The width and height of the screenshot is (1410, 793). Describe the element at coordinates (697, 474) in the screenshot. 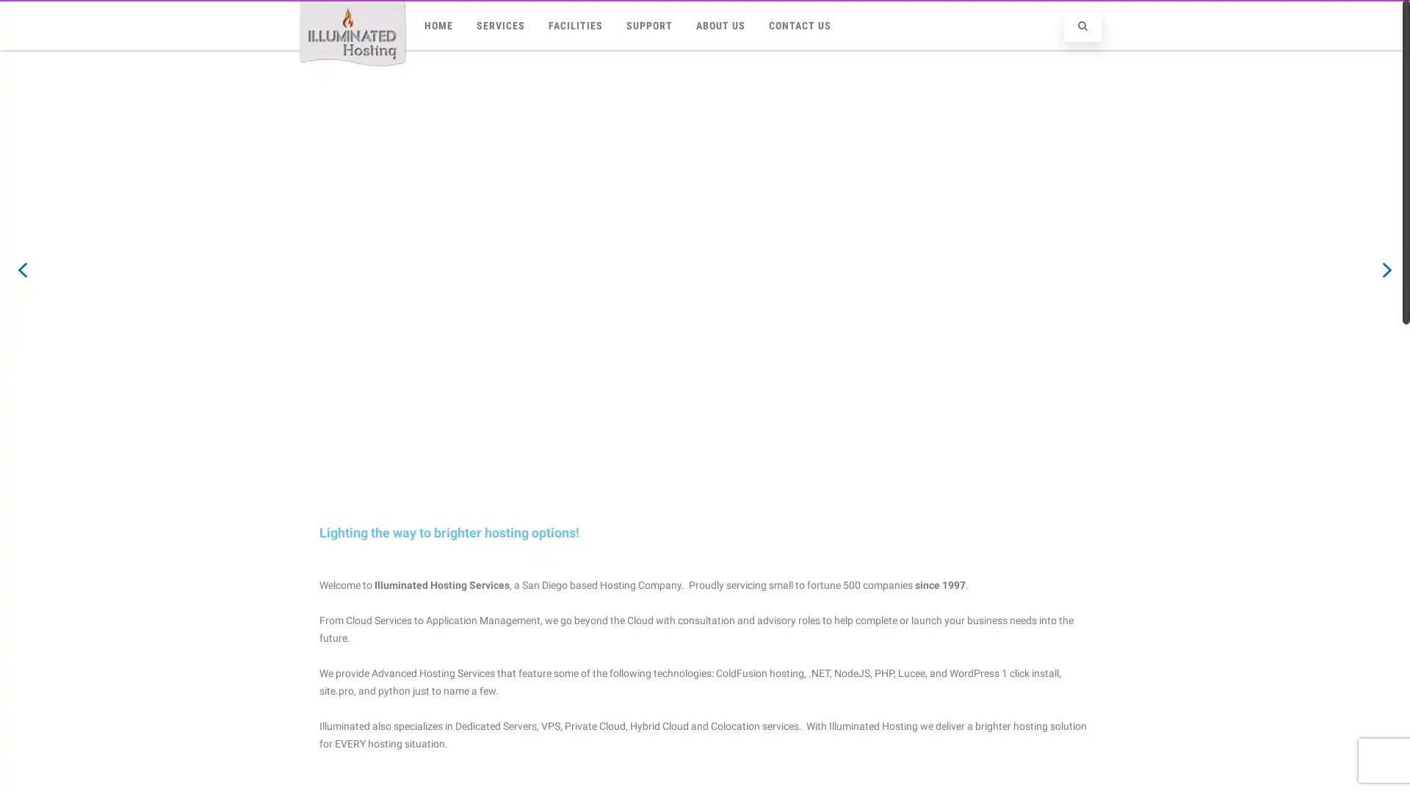

I see `slider3` at that location.